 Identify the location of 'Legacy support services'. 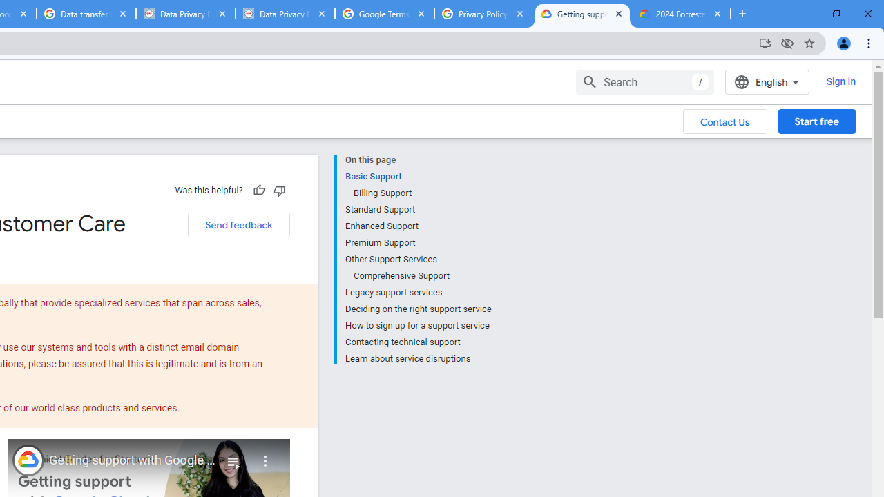
(417, 292).